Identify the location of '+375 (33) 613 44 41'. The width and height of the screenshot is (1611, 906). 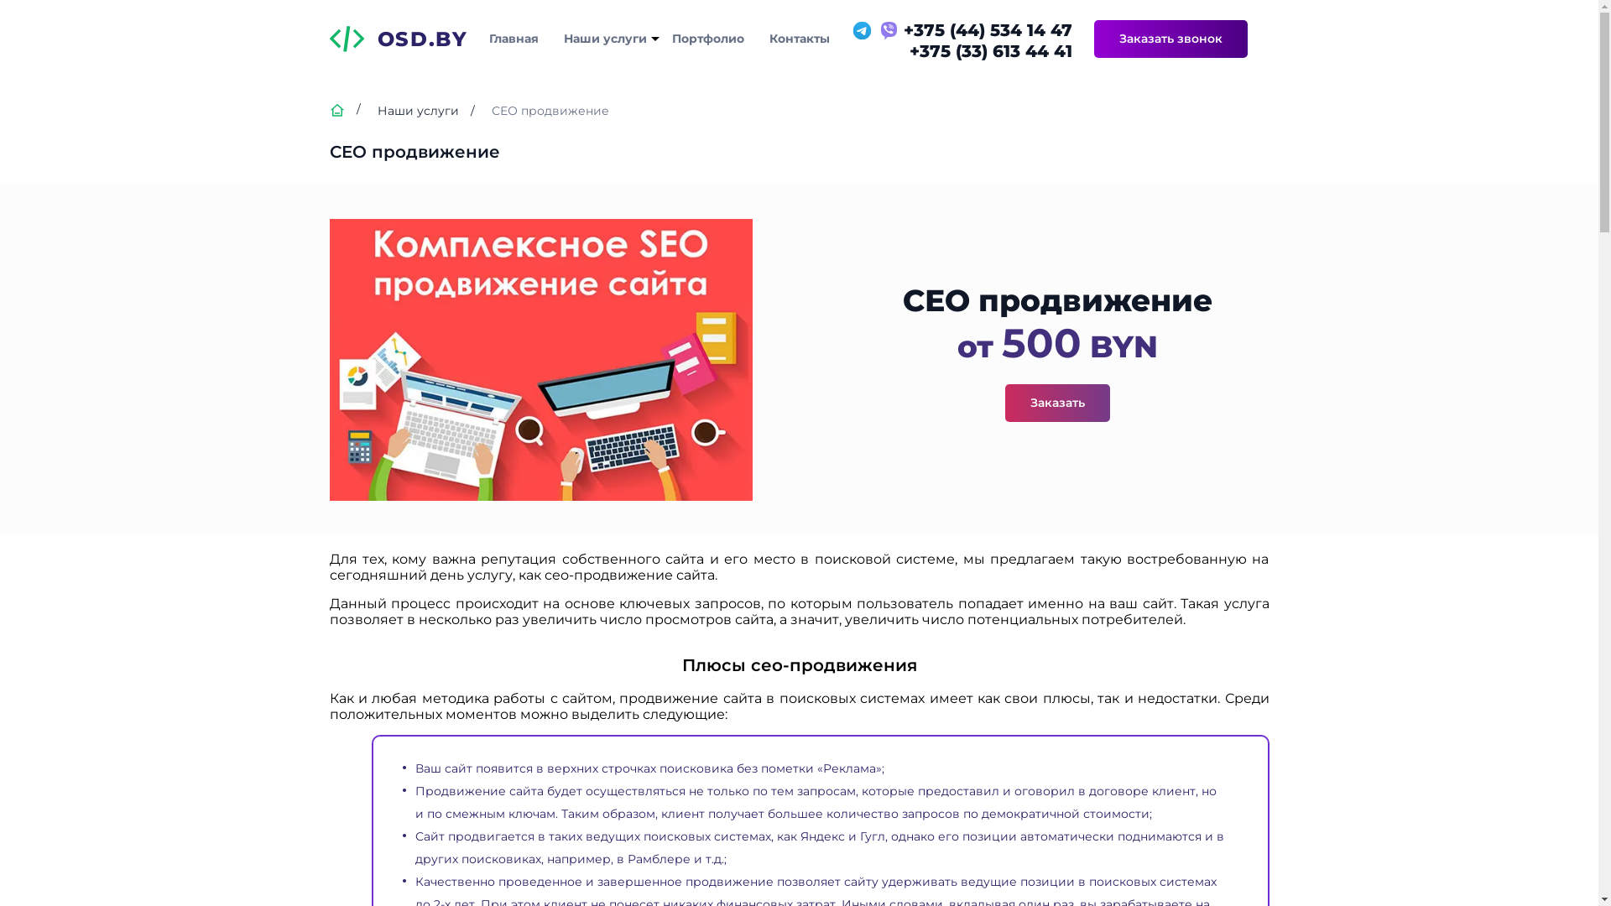
(962, 50).